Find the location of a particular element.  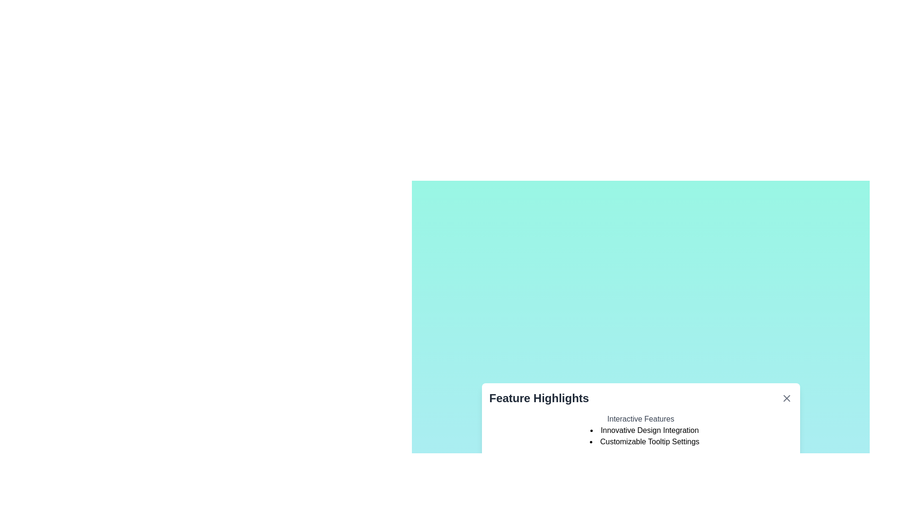

the thin gray diagonal line forming part of the 'X' shape close button located at the top right corner of the 'Feature Highlights' panel is located at coordinates (786, 398).